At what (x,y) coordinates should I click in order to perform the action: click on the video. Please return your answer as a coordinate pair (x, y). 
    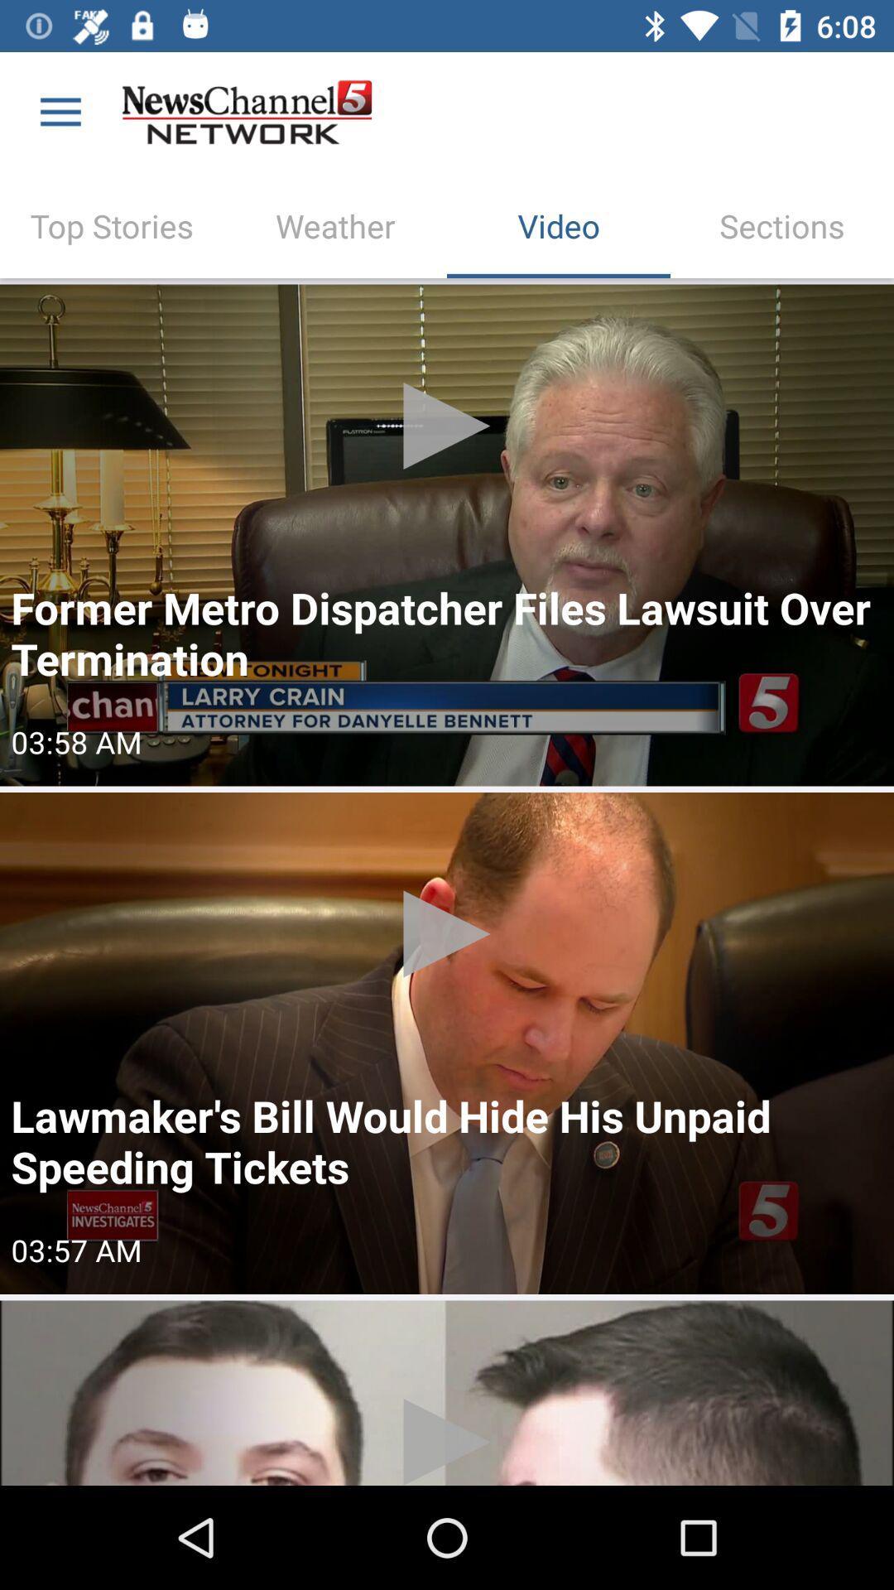
    Looking at the image, I should click on (447, 535).